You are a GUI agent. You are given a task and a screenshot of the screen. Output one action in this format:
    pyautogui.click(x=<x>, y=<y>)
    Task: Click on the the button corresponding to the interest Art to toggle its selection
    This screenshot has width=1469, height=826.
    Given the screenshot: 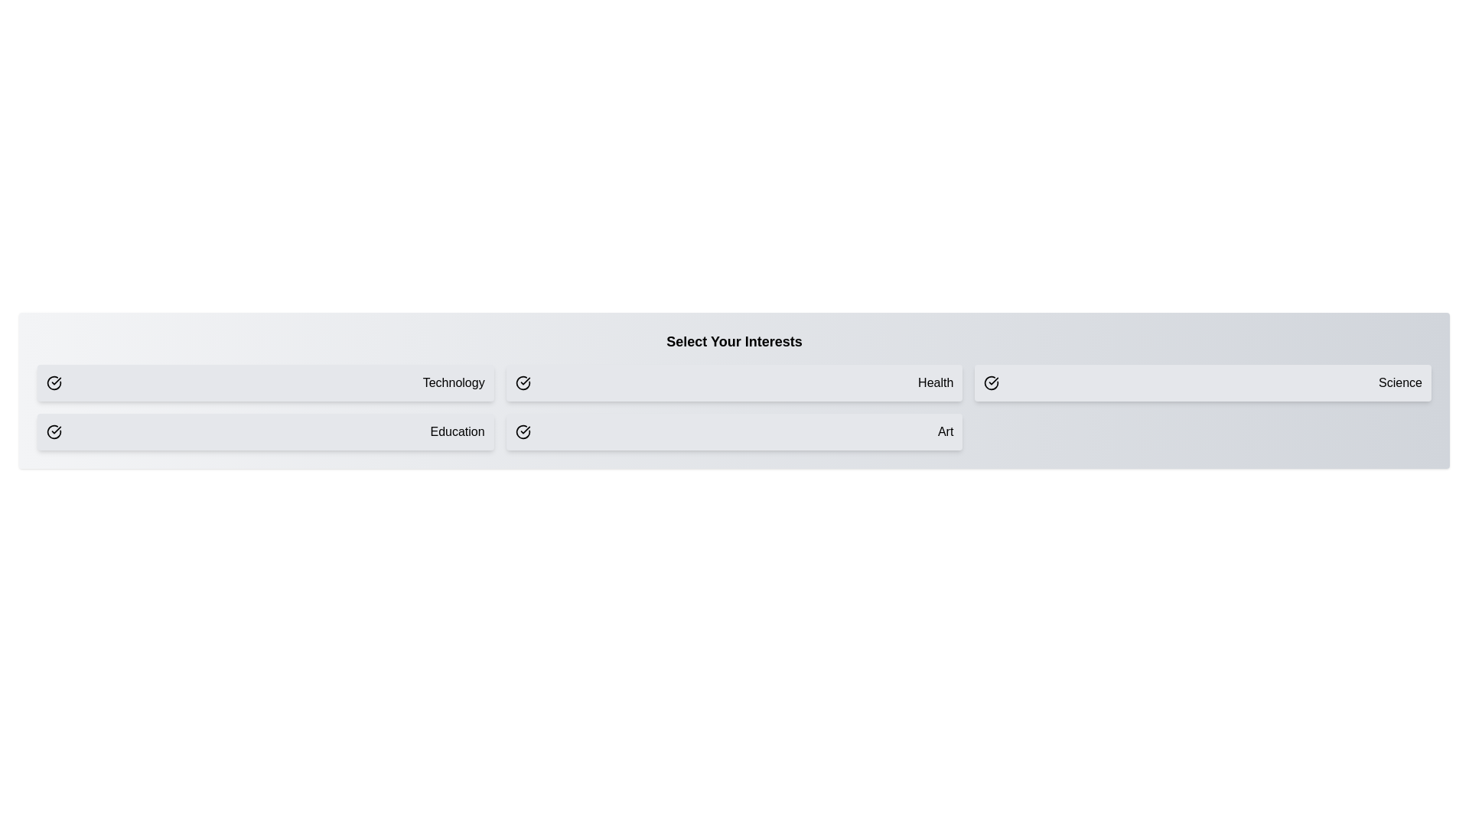 What is the action you would take?
    pyautogui.click(x=734, y=431)
    